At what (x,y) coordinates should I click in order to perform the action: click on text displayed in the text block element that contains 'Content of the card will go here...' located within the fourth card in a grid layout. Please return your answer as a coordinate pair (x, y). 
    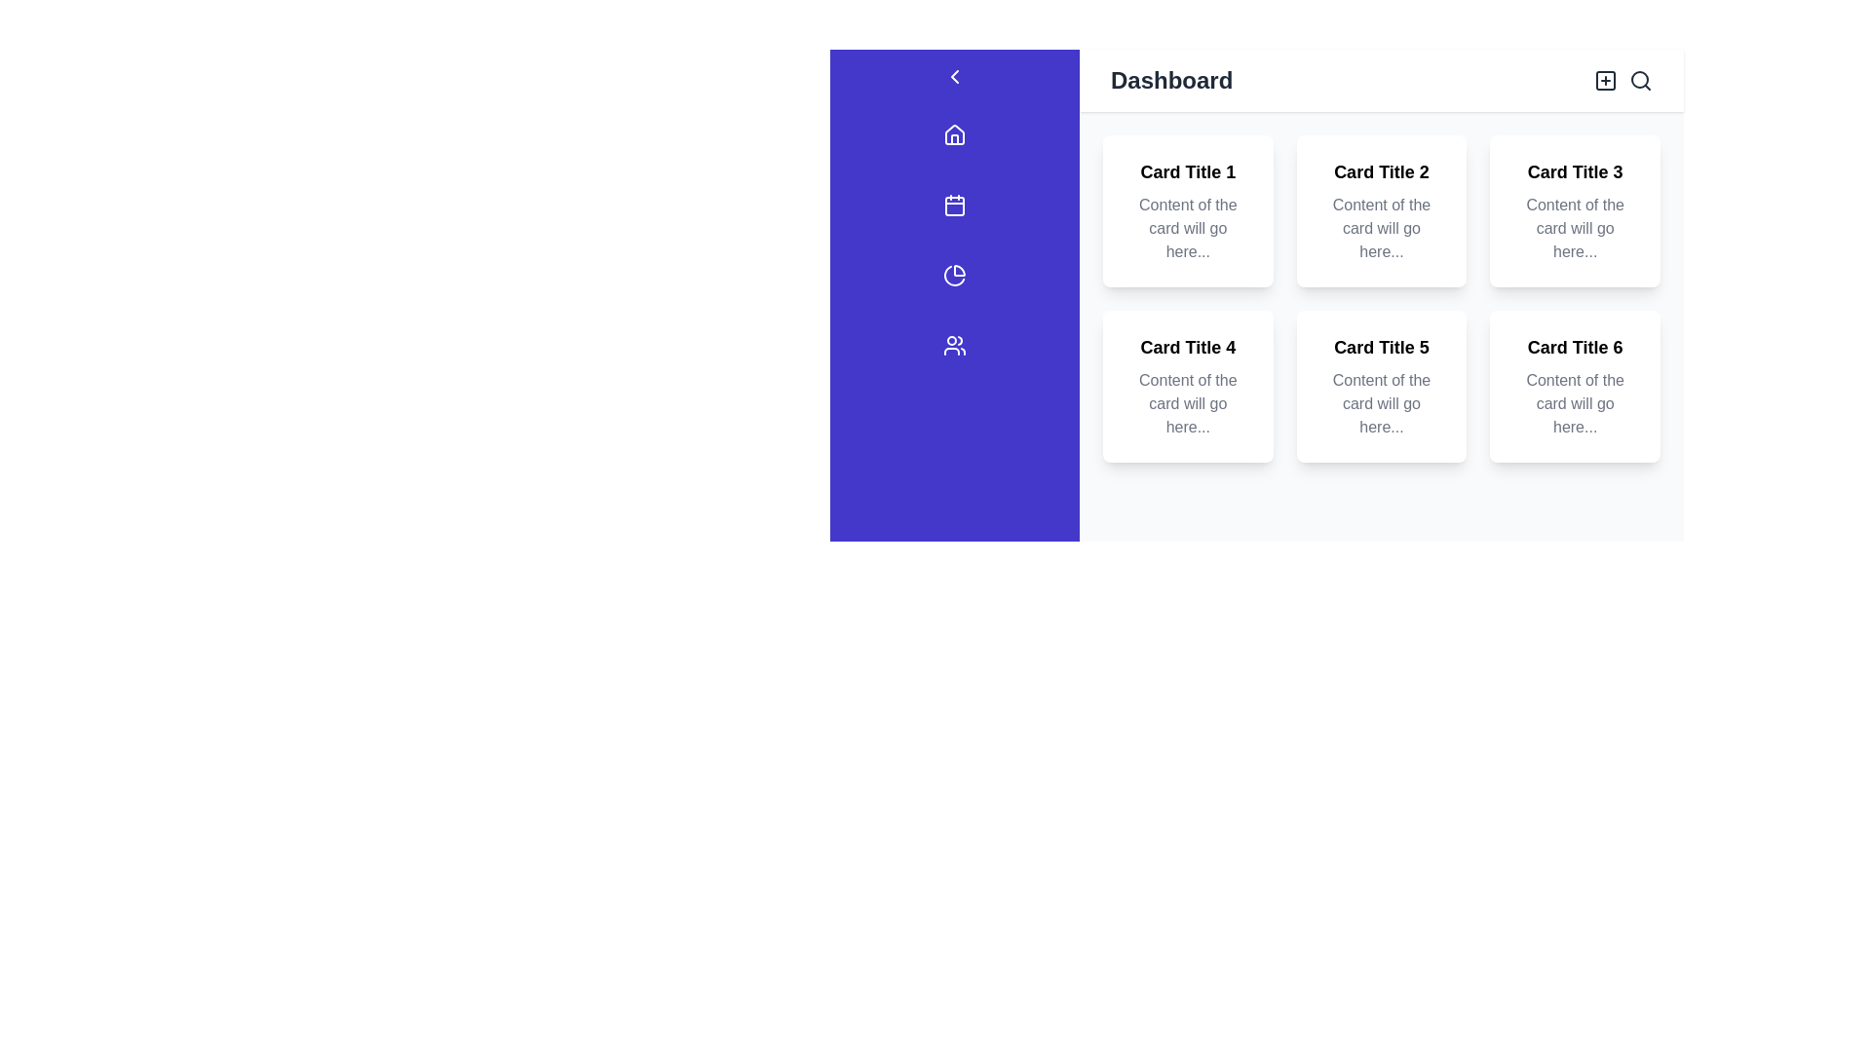
    Looking at the image, I should click on (1187, 403).